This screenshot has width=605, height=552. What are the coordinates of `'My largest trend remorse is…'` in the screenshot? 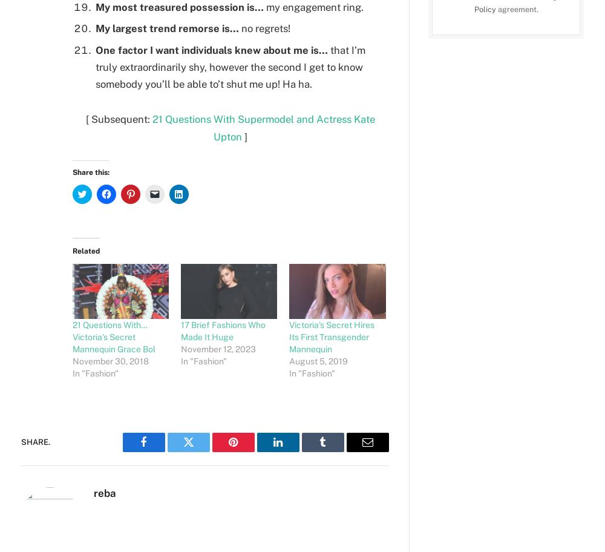 It's located at (96, 27).